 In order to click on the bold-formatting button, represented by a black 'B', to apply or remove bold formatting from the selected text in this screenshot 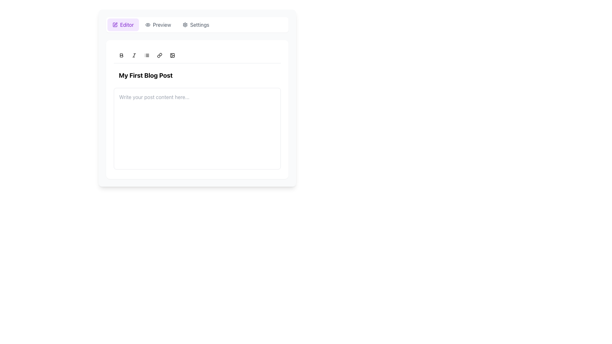, I will do `click(121, 55)`.